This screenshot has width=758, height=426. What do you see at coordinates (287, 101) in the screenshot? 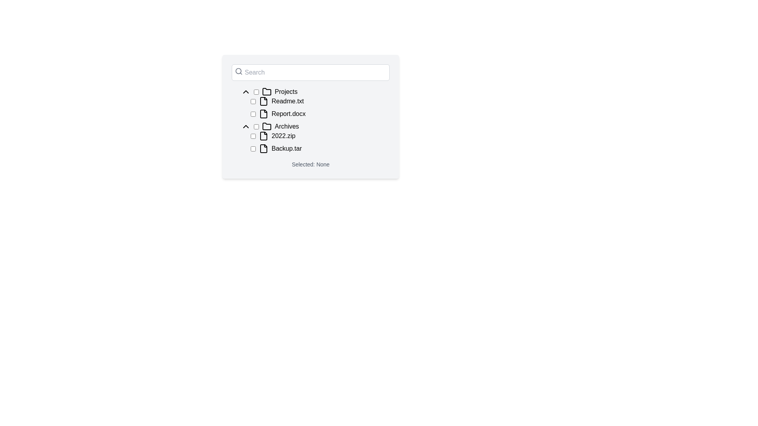
I see `on the 'Readme.txt' text label in the file tree structure` at bounding box center [287, 101].